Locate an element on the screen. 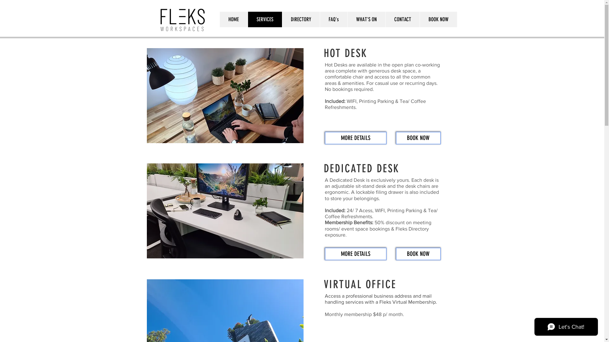  'BOOK NOW' is located at coordinates (418, 137).